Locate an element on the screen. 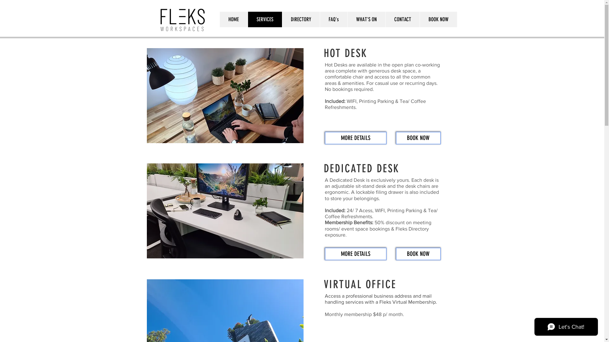  'BOOK NOW' is located at coordinates (418, 137).